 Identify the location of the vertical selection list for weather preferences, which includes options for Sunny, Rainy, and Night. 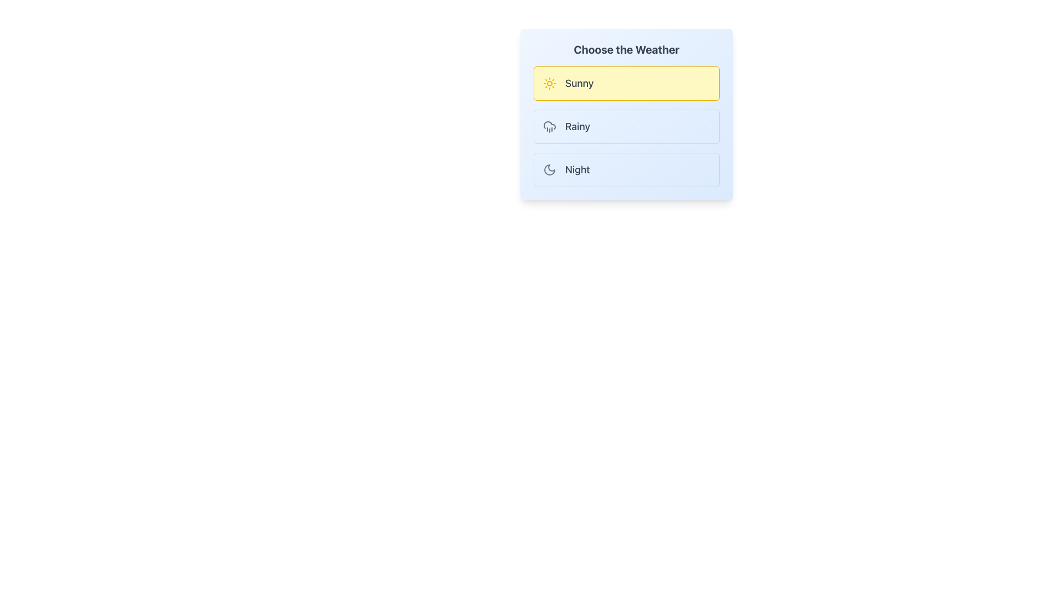
(627, 126).